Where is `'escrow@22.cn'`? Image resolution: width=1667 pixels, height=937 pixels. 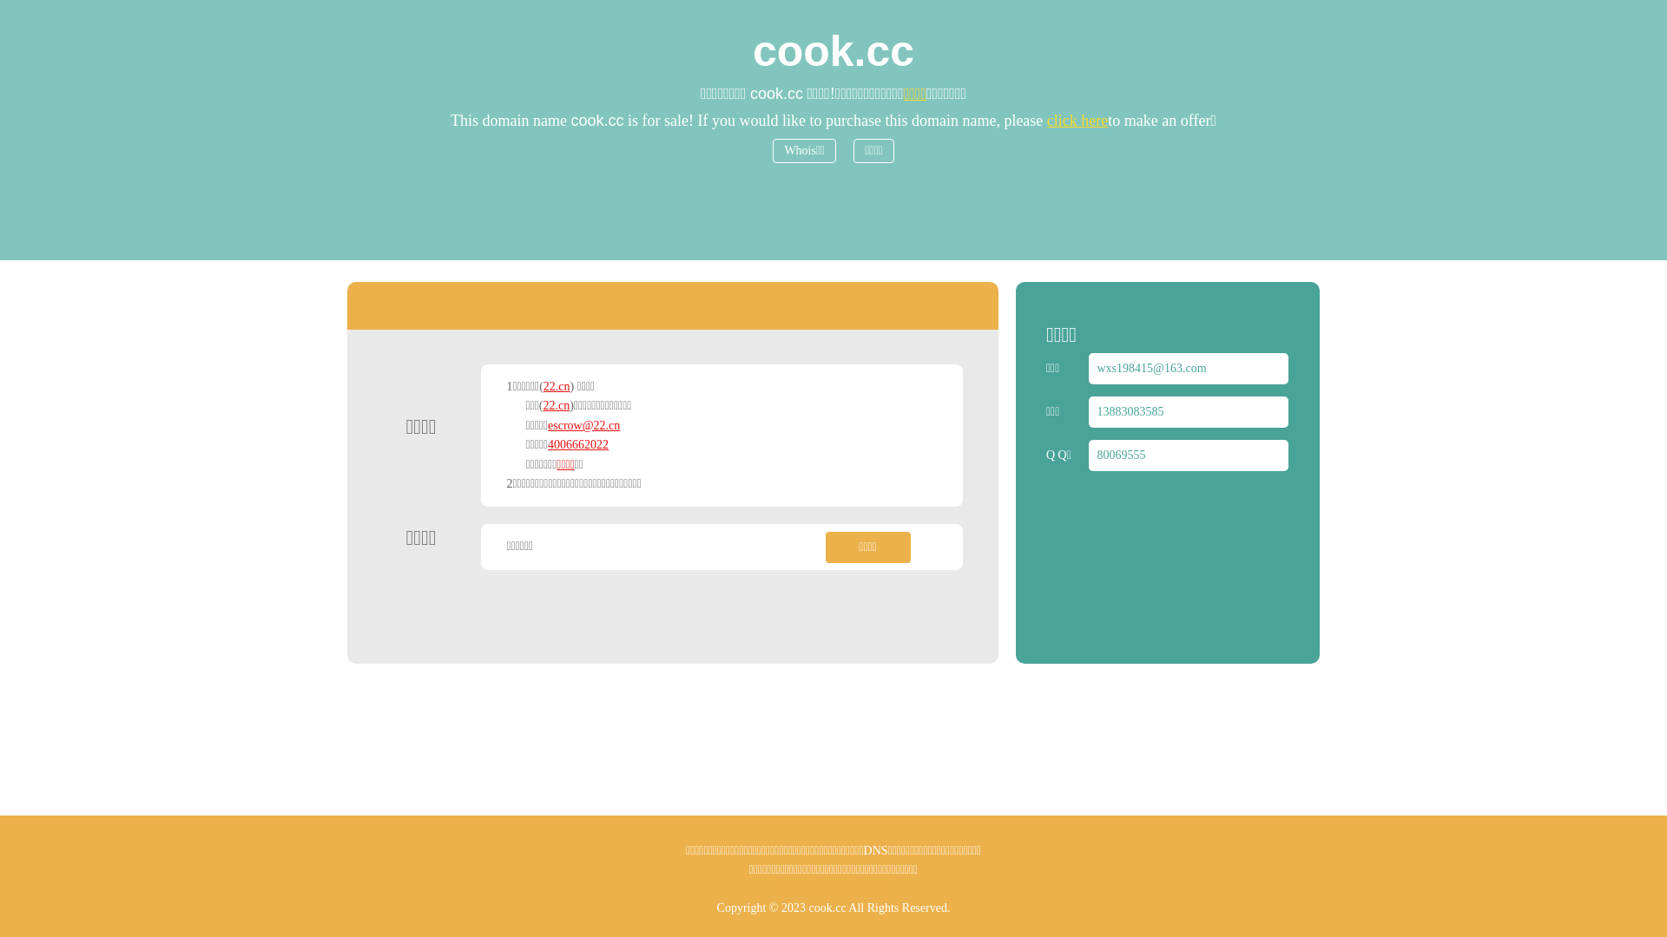
'escrow@22.cn' is located at coordinates (583, 425).